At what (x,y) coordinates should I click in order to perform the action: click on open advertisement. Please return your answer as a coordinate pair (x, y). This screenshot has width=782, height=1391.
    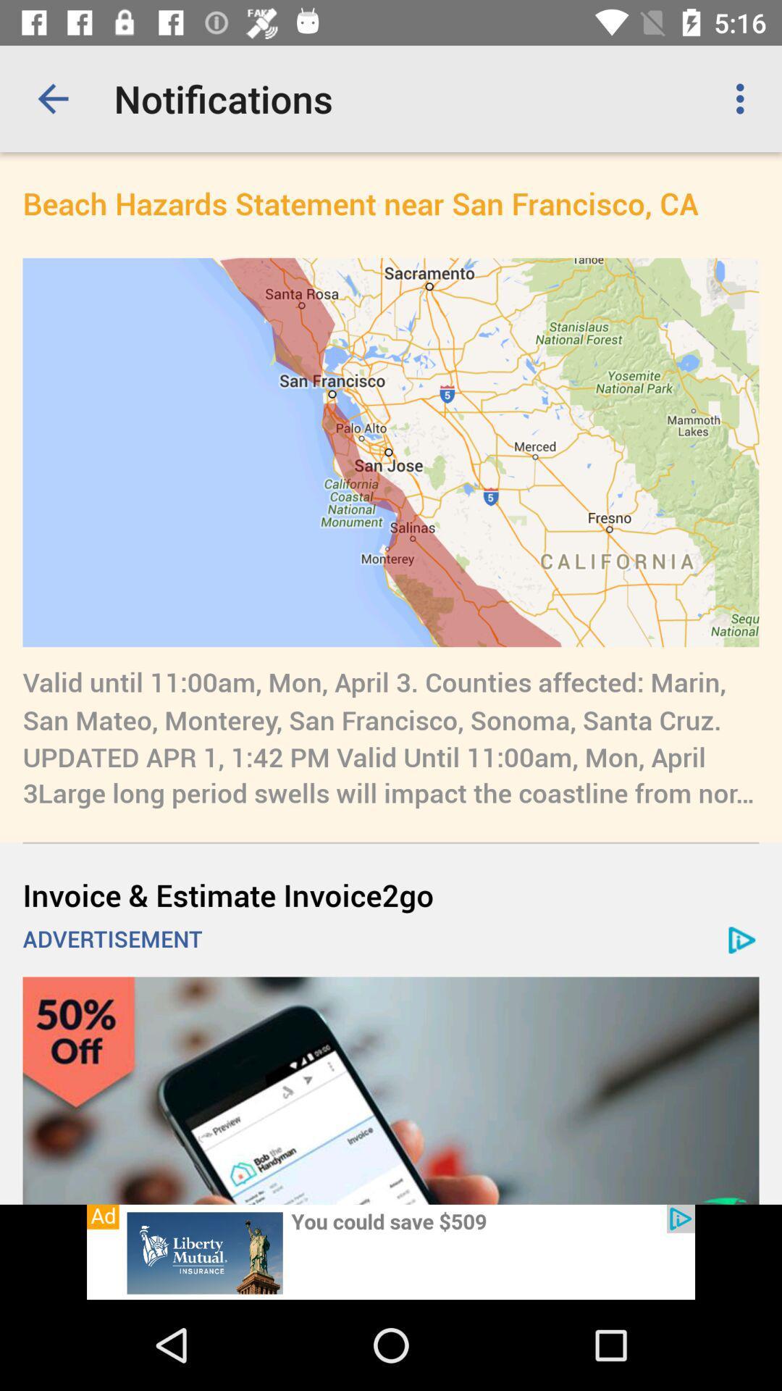
    Looking at the image, I should click on (391, 1090).